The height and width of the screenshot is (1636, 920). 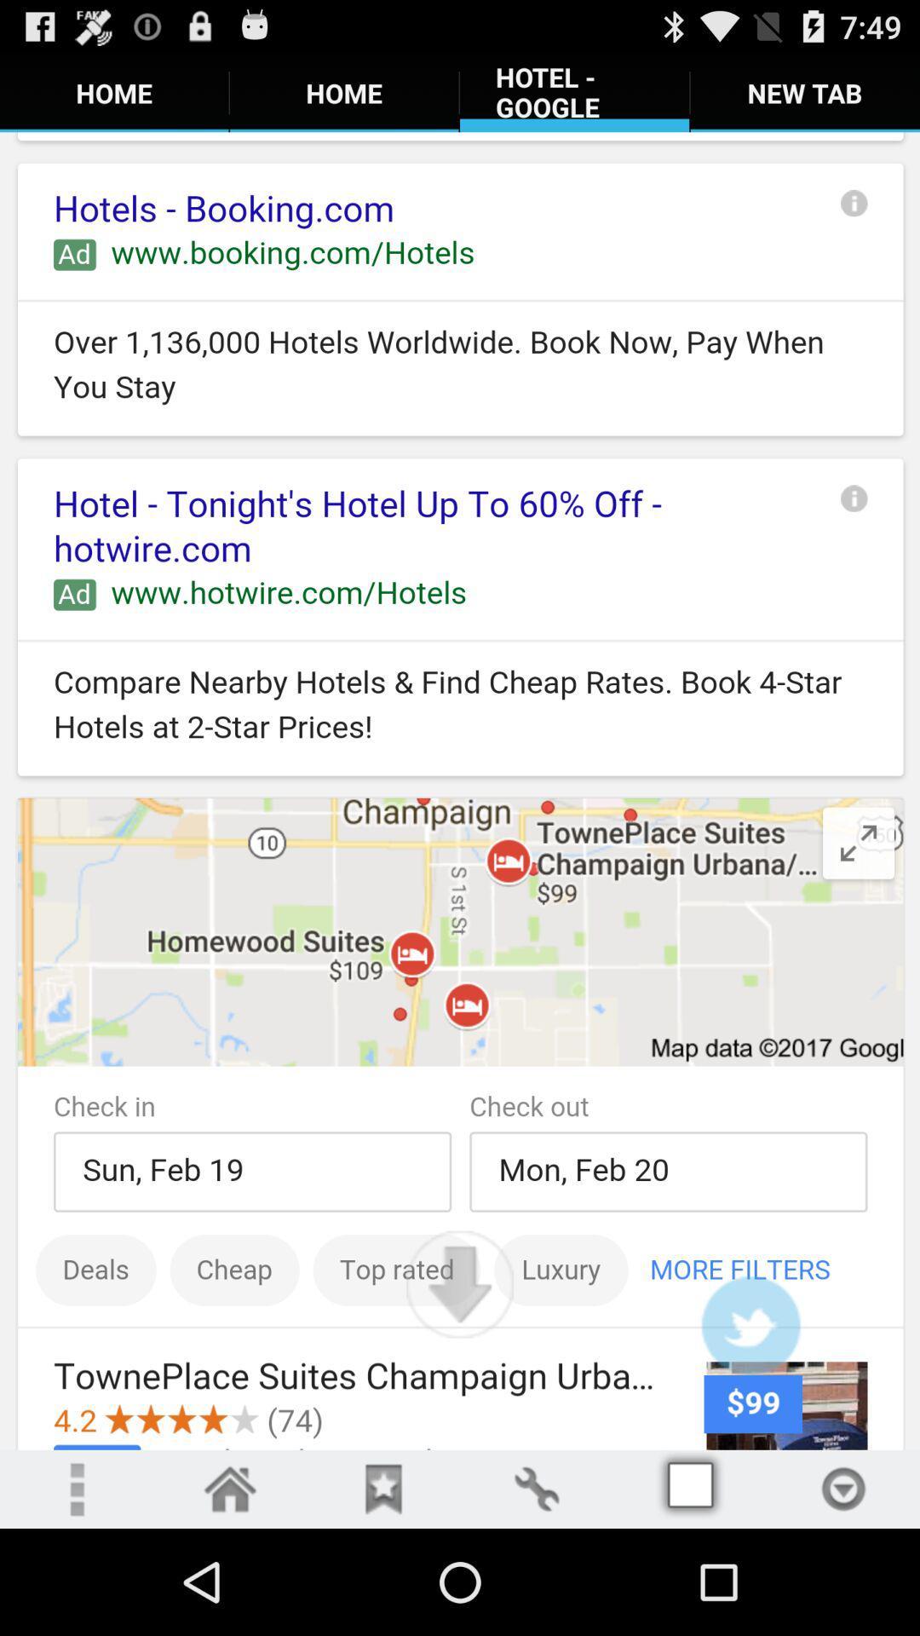 What do you see at coordinates (750, 1324) in the screenshot?
I see `twitter button` at bounding box center [750, 1324].